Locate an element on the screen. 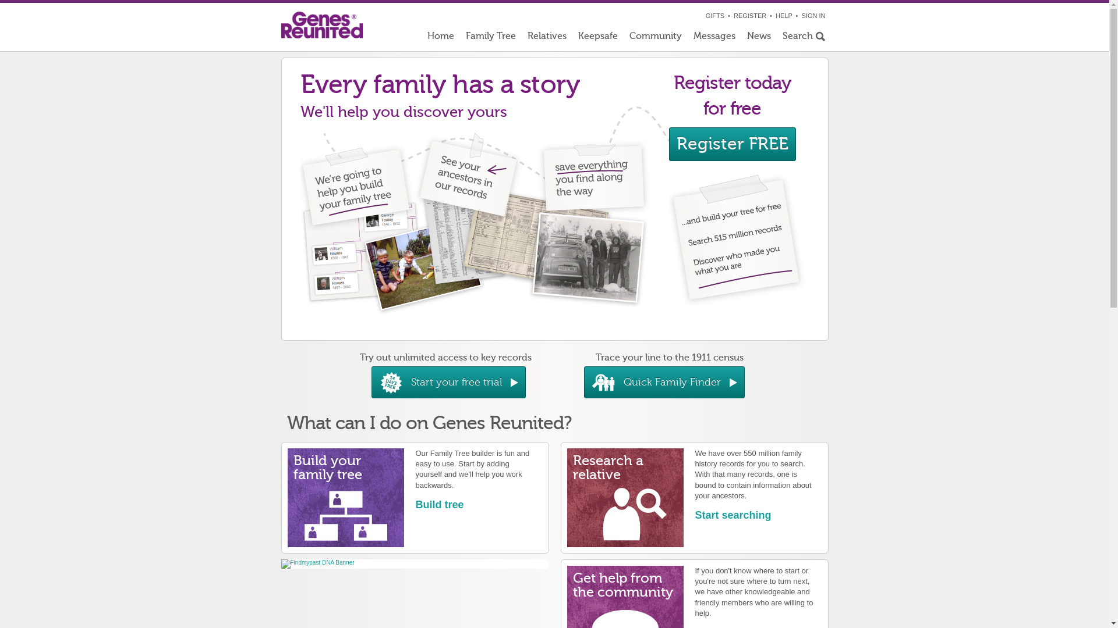 This screenshot has height=628, width=1118. 'Build tree' is located at coordinates (416, 504).